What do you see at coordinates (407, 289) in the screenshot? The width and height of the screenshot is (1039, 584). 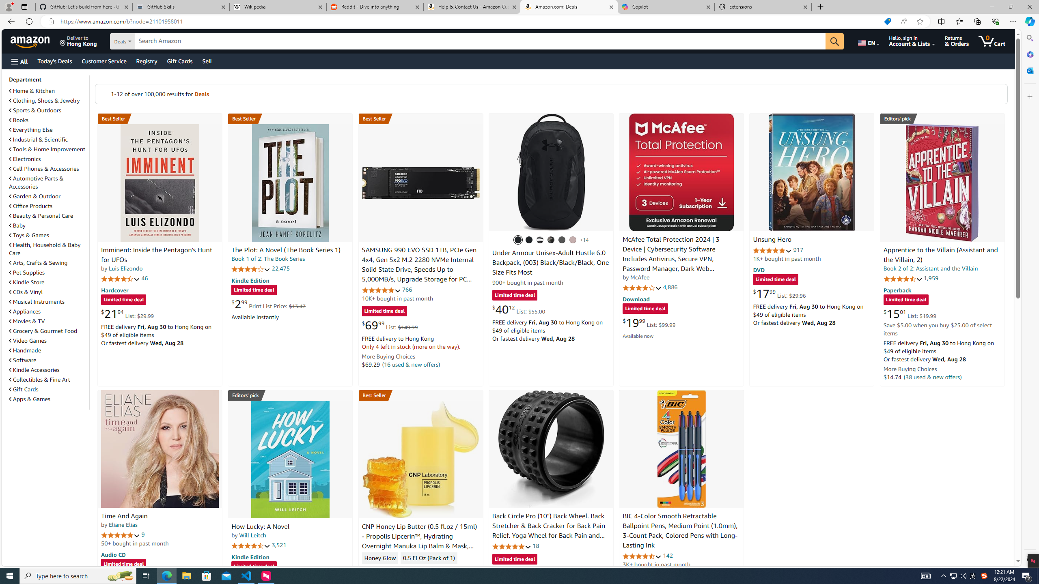 I see `'766'` at bounding box center [407, 289].